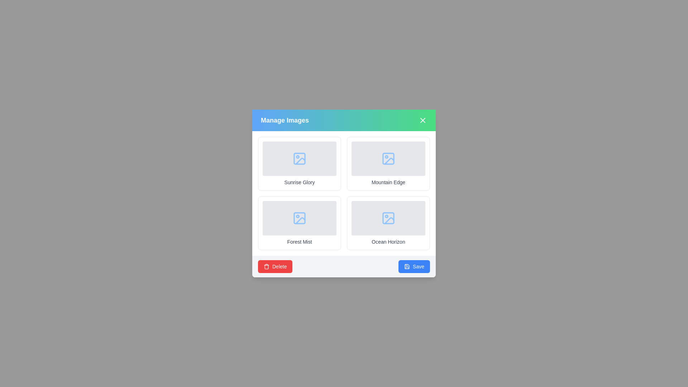 This screenshot has height=387, width=688. Describe the element at coordinates (388, 158) in the screenshot. I see `the image icon located in the 'Mountain Edge' section of the 'Manage Images' dialog box, which is depicted with a light blue color scheme and a simple line drawing of a square with rounded corners and a triangular shape` at that location.